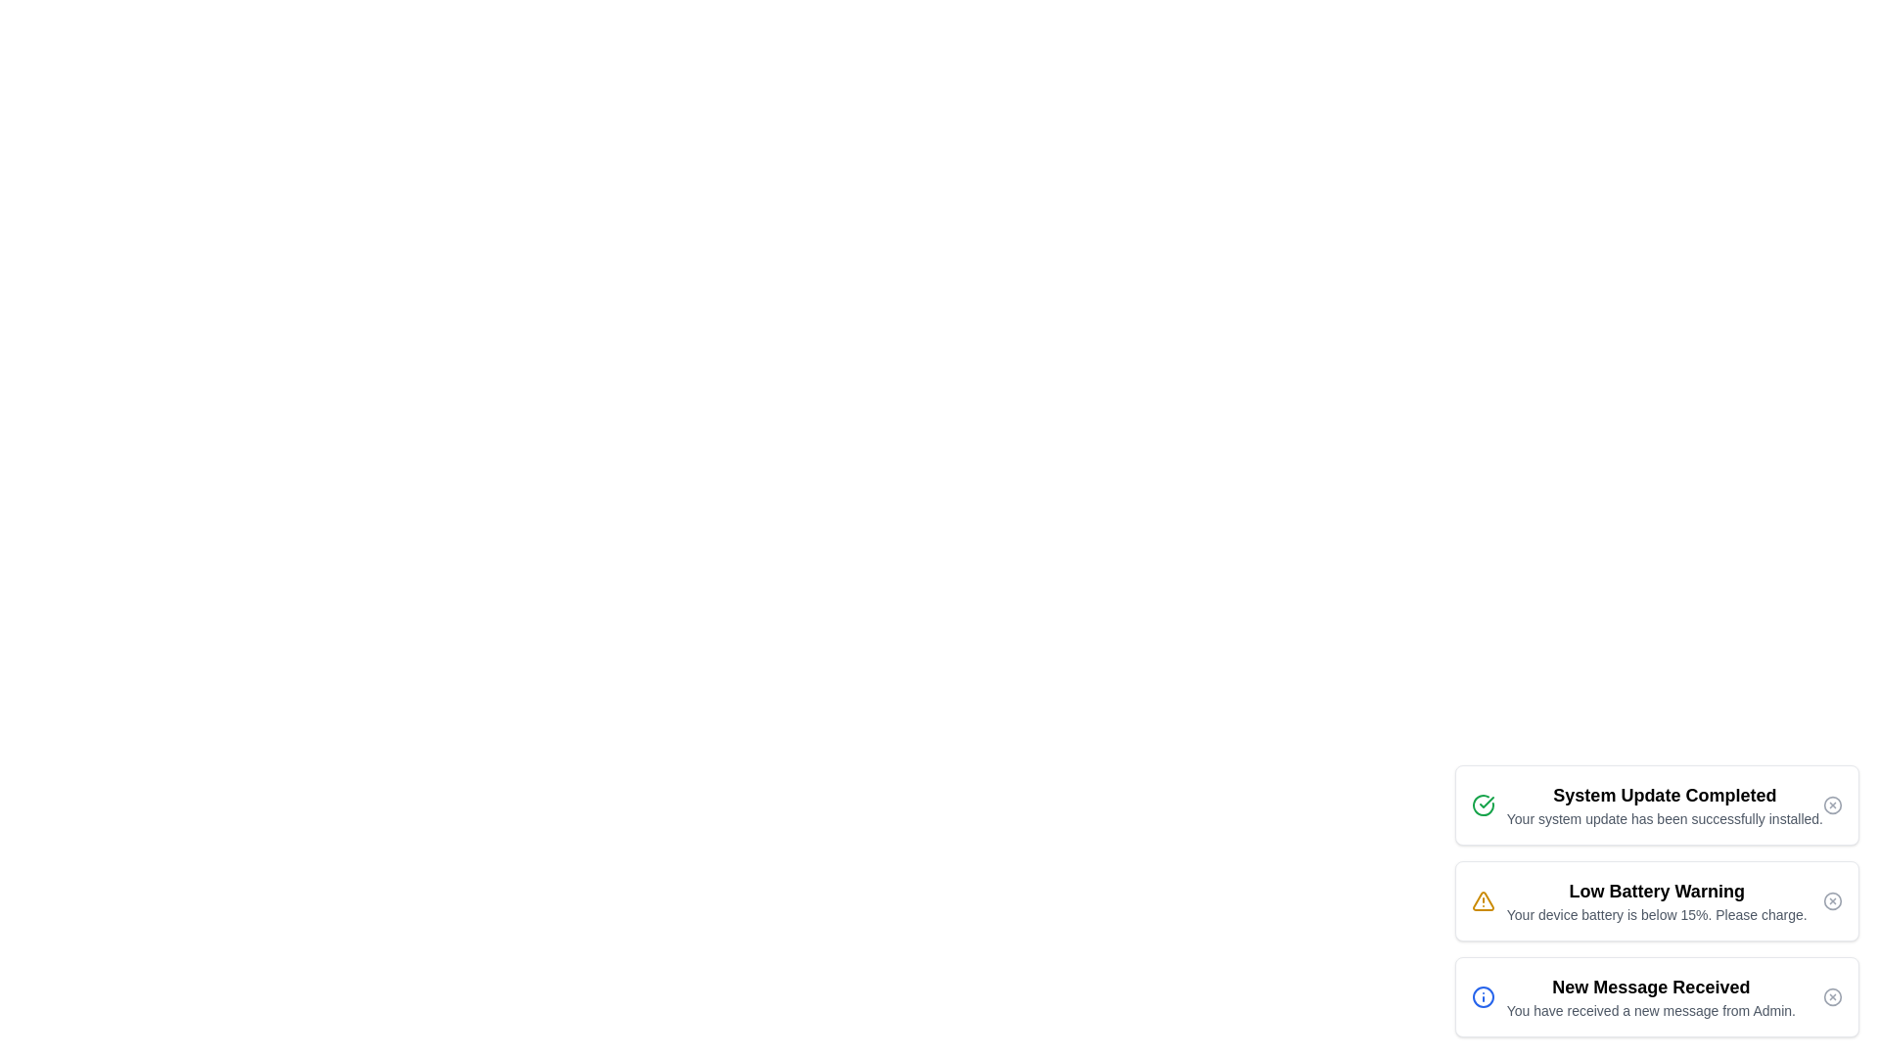 The image size is (1879, 1057). Describe the element at coordinates (1664, 819) in the screenshot. I see `informational text that states 'Your system update has been successfully installed.' located below the heading 'System Update Completed.'` at that location.